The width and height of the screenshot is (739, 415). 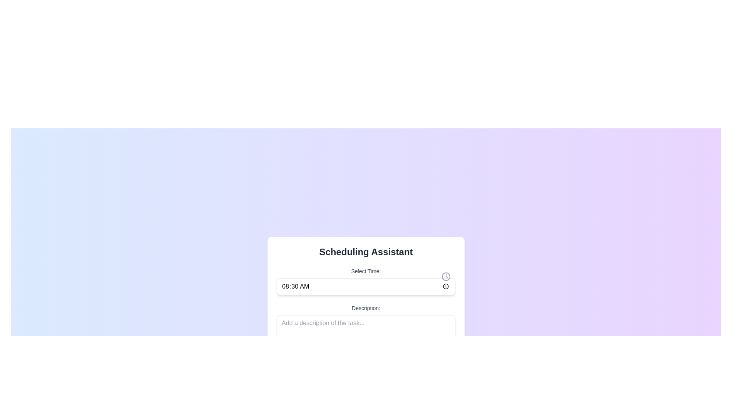 What do you see at coordinates (365, 307) in the screenshot?
I see `text of the Label that displays 'Description:' styled in gray, located below the 'Select Time:' field` at bounding box center [365, 307].